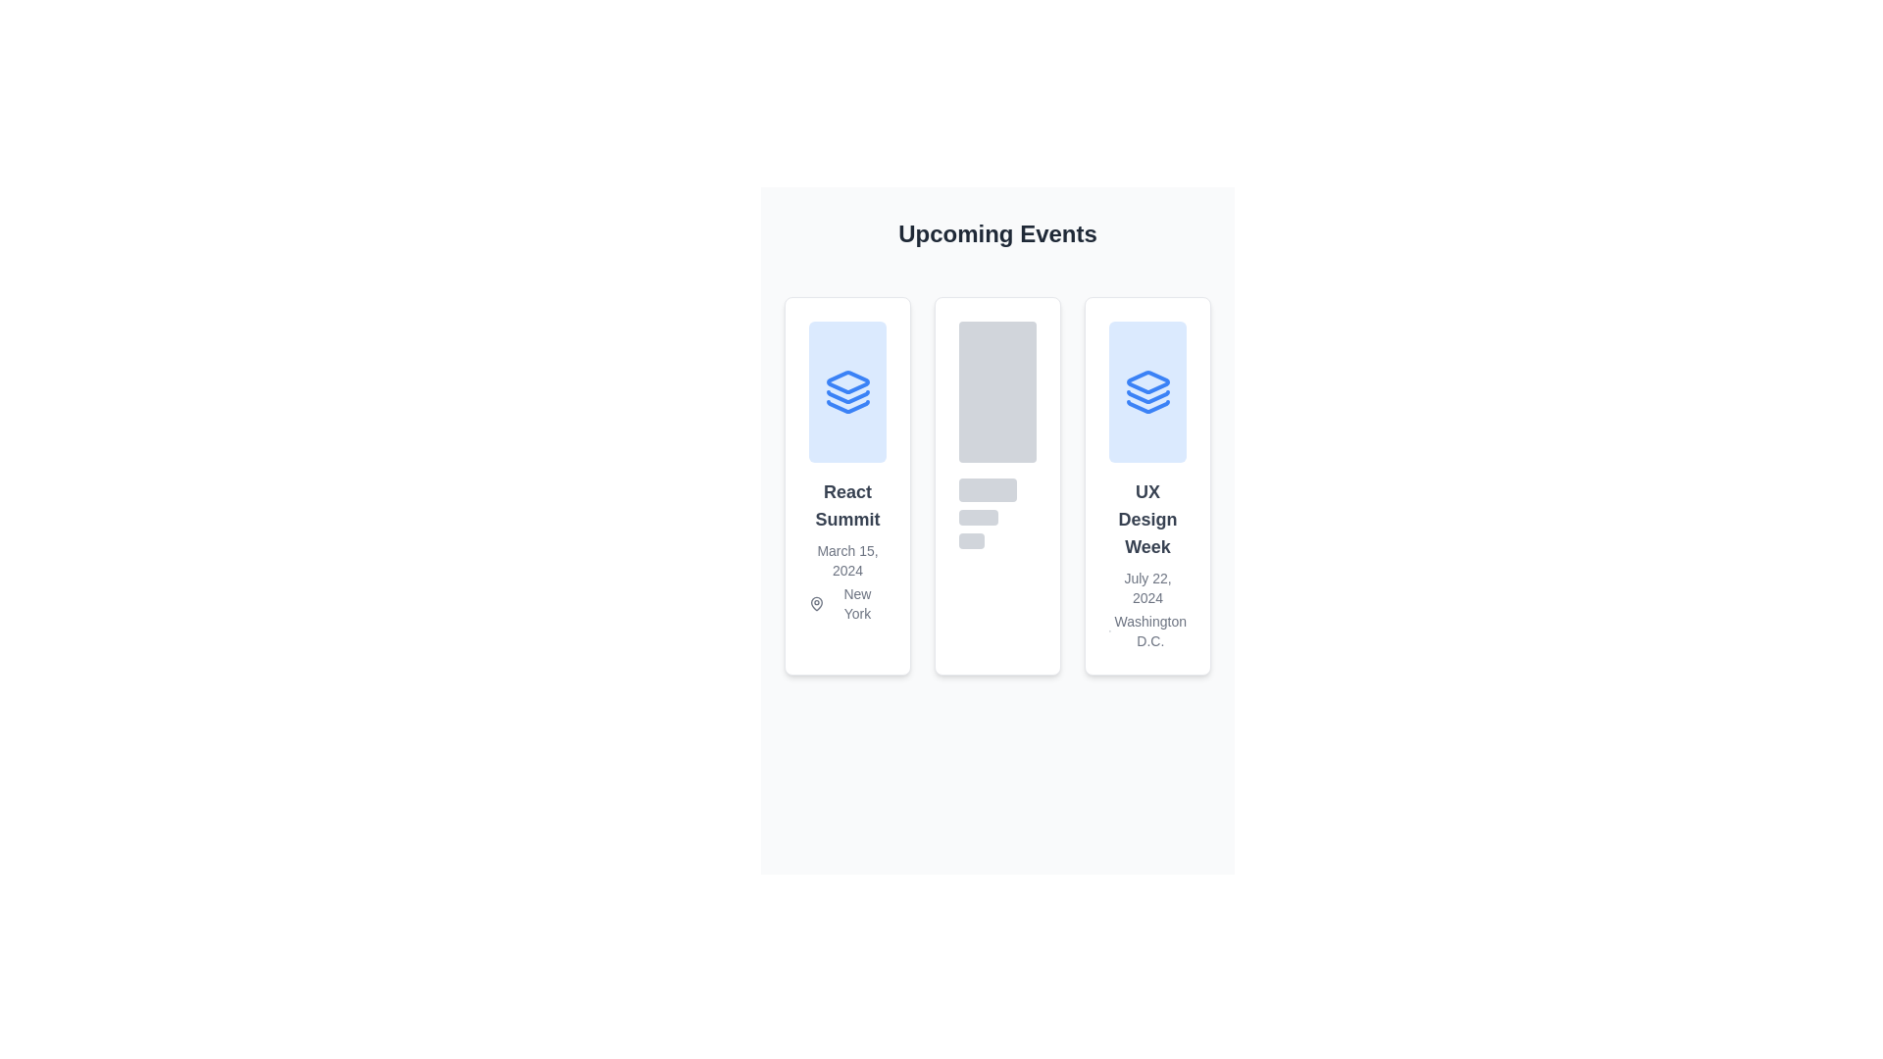 This screenshot has height=1059, width=1883. Describe the element at coordinates (816, 603) in the screenshot. I see `the map pin icon, which is a minimalistic grayscale design located adjacent to the 'New York' label under the 'React Summit' event title in the 'Upcoming Events' section` at that location.